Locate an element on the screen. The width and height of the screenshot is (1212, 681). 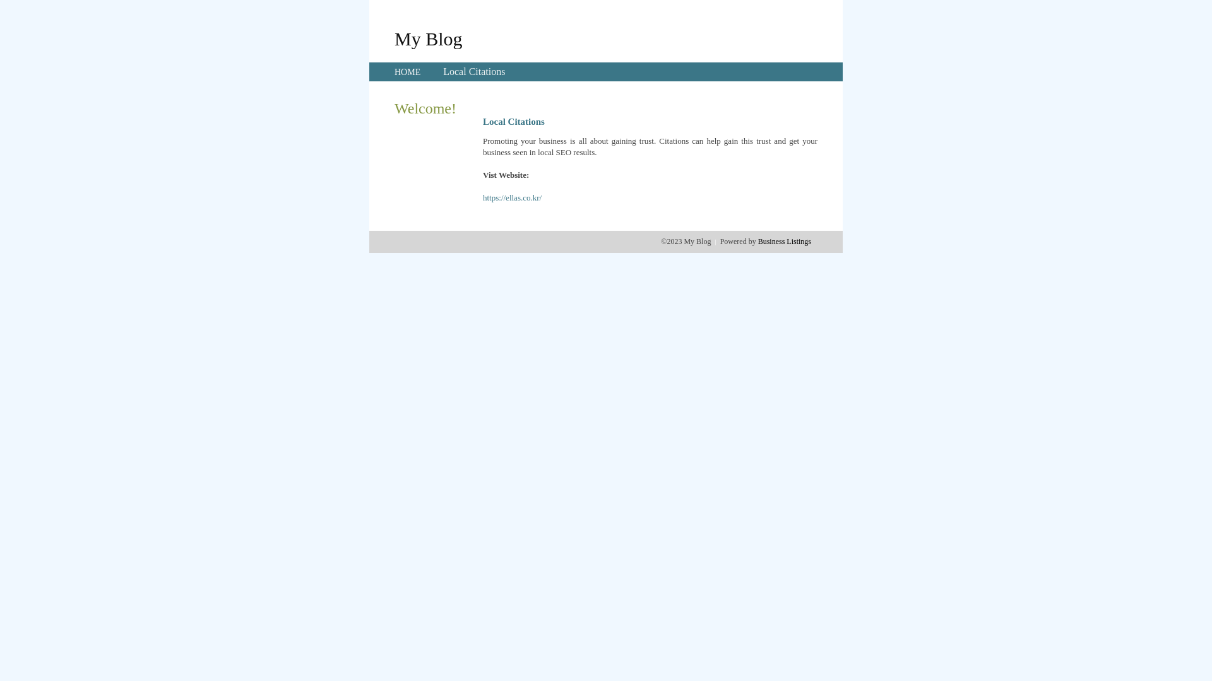
'HOME' is located at coordinates (407, 72).